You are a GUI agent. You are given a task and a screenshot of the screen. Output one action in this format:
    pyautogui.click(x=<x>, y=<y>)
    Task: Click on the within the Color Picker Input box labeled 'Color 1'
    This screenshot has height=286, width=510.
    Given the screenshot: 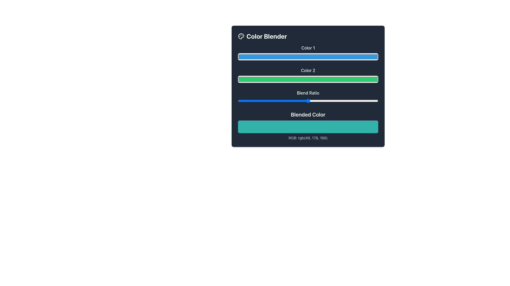 What is the action you would take?
    pyautogui.click(x=308, y=53)
    